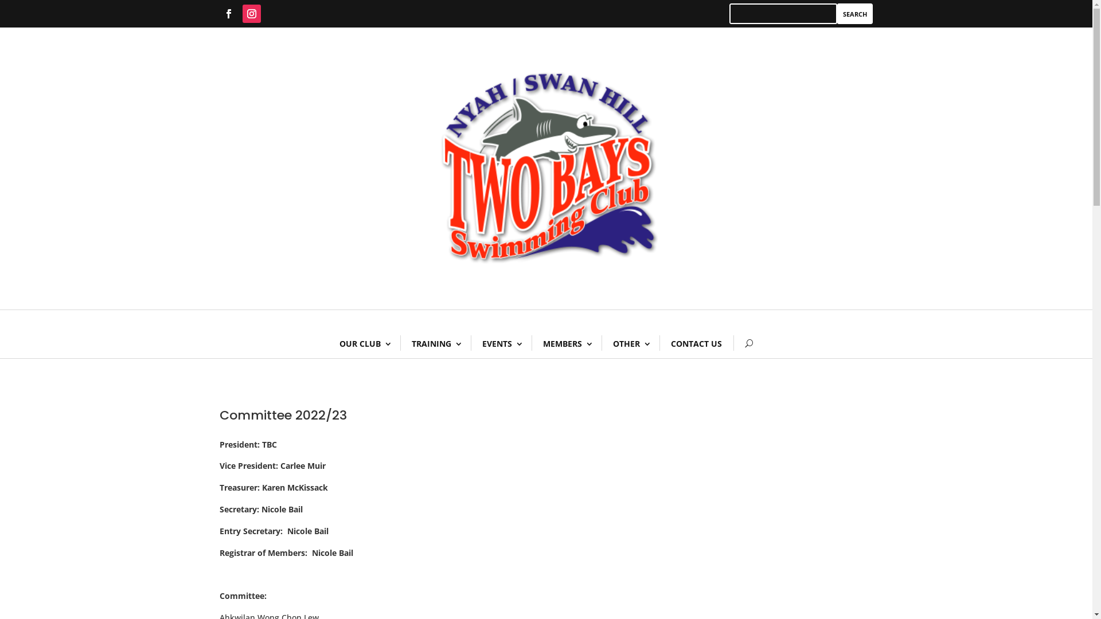 This screenshot has width=1101, height=619. What do you see at coordinates (545, 168) in the screenshot?
I see `'Two Bays logo'` at bounding box center [545, 168].